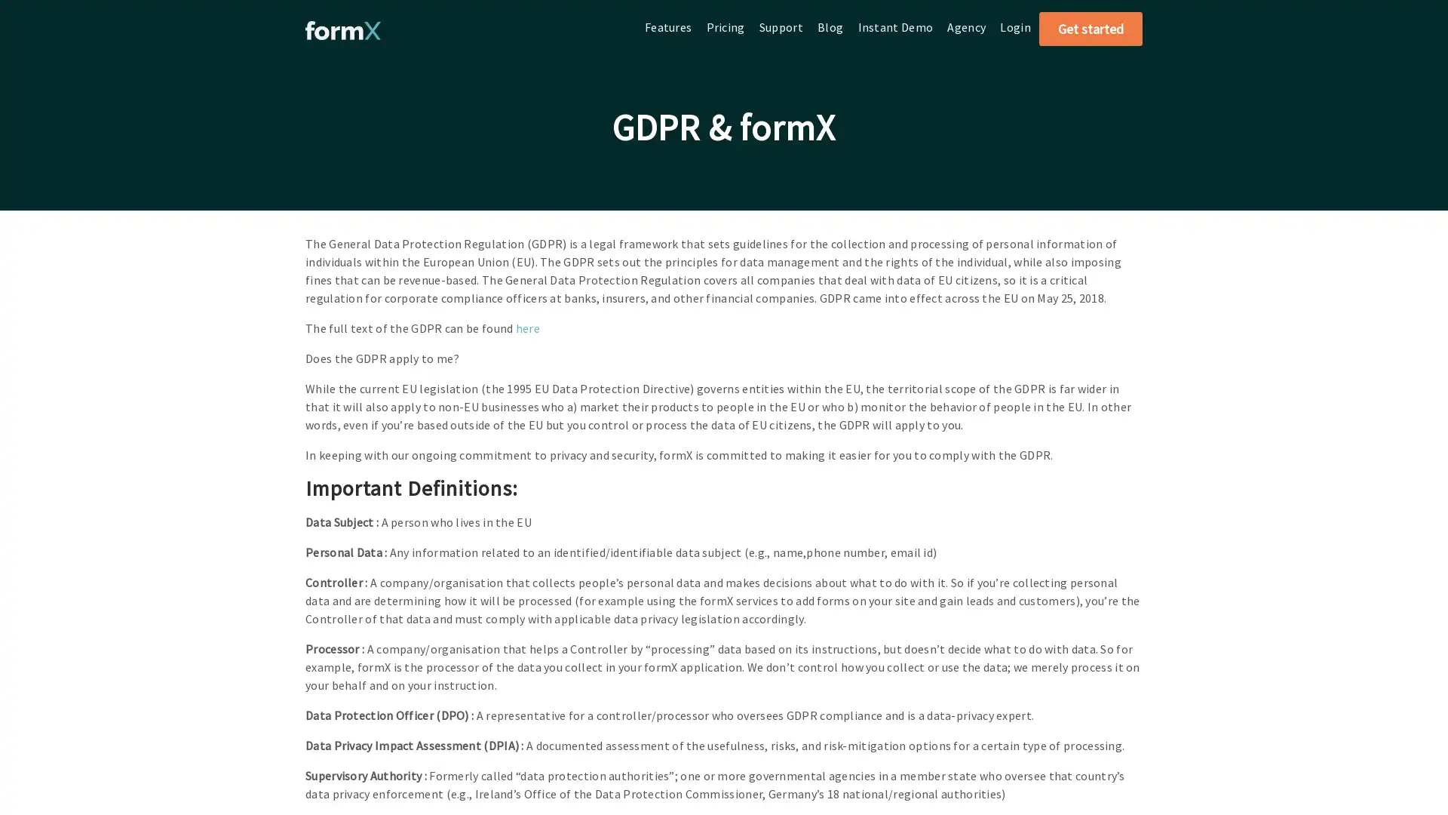 The width and height of the screenshot is (1448, 815). What do you see at coordinates (1091, 29) in the screenshot?
I see `Get started` at bounding box center [1091, 29].